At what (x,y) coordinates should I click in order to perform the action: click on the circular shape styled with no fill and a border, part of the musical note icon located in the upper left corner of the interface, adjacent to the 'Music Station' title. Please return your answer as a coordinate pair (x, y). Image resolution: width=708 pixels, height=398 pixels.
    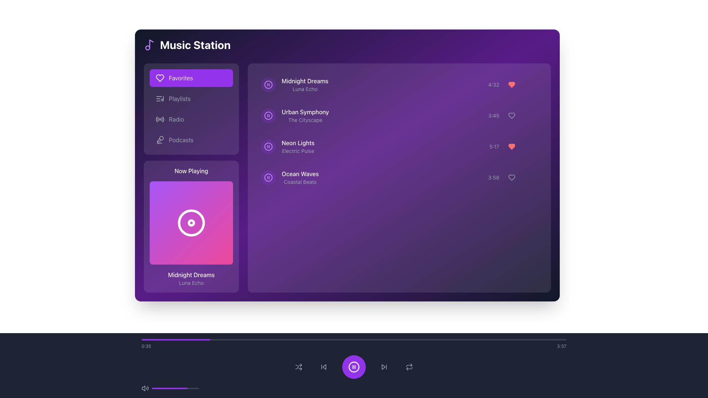
    Looking at the image, I should click on (147, 48).